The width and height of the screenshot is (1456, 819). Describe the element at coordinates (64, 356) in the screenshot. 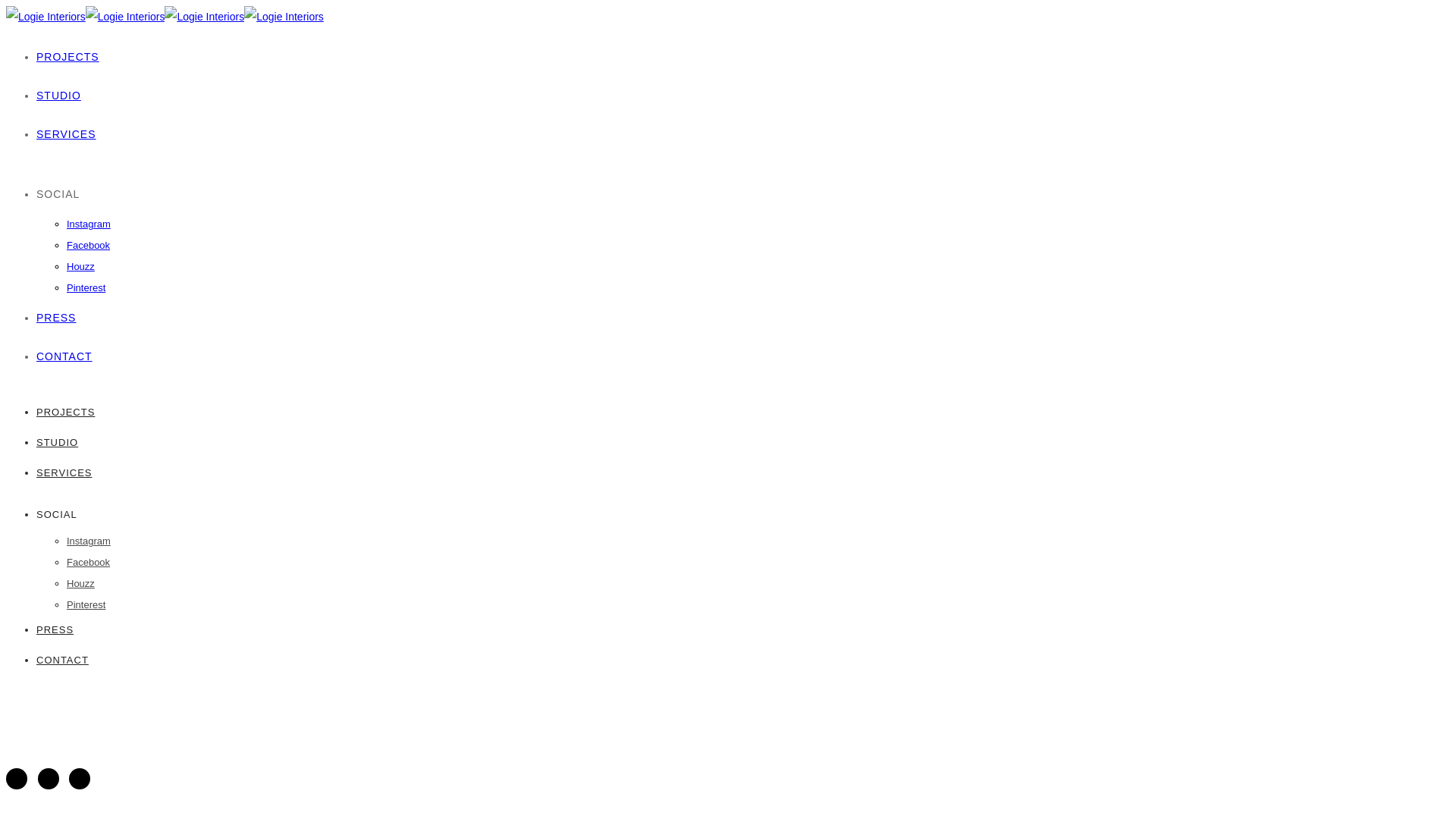

I see `'CONTACT'` at that location.